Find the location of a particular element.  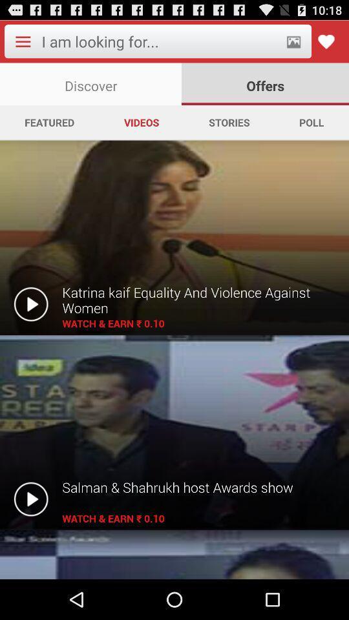

the icon next to videos app is located at coordinates (228, 122).